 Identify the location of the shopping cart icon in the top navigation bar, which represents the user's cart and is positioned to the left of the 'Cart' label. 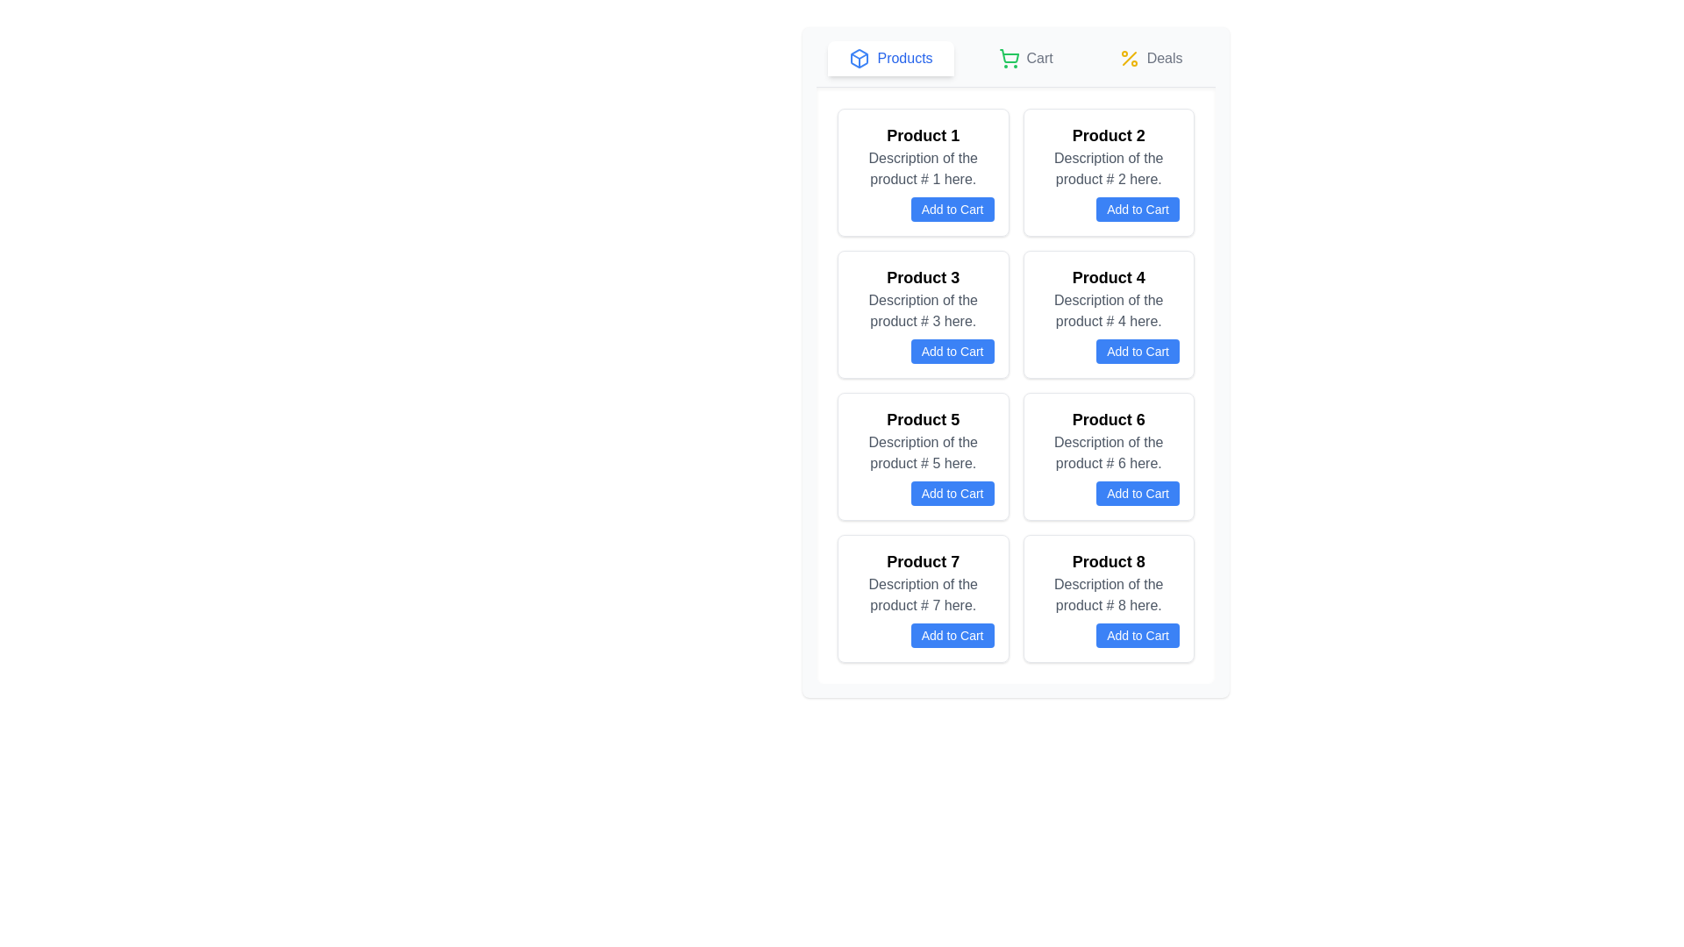
(1009, 57).